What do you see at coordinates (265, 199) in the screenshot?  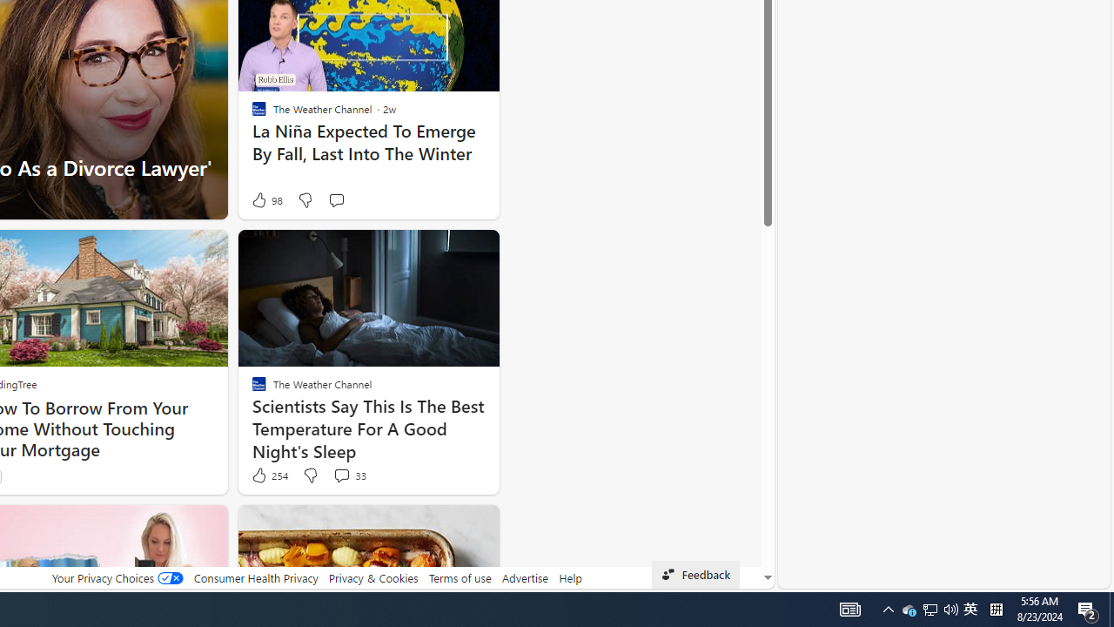 I see `'98 Like'` at bounding box center [265, 199].